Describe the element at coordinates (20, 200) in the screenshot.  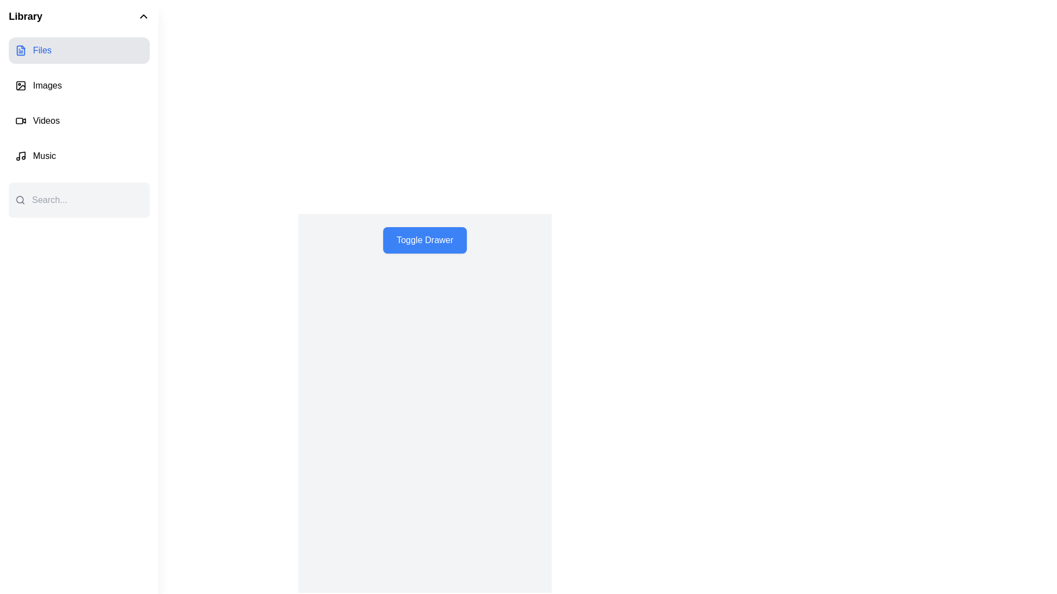
I see `the SVG Circle representing the search icon located in the sidebar near the top-left of the interface` at that location.